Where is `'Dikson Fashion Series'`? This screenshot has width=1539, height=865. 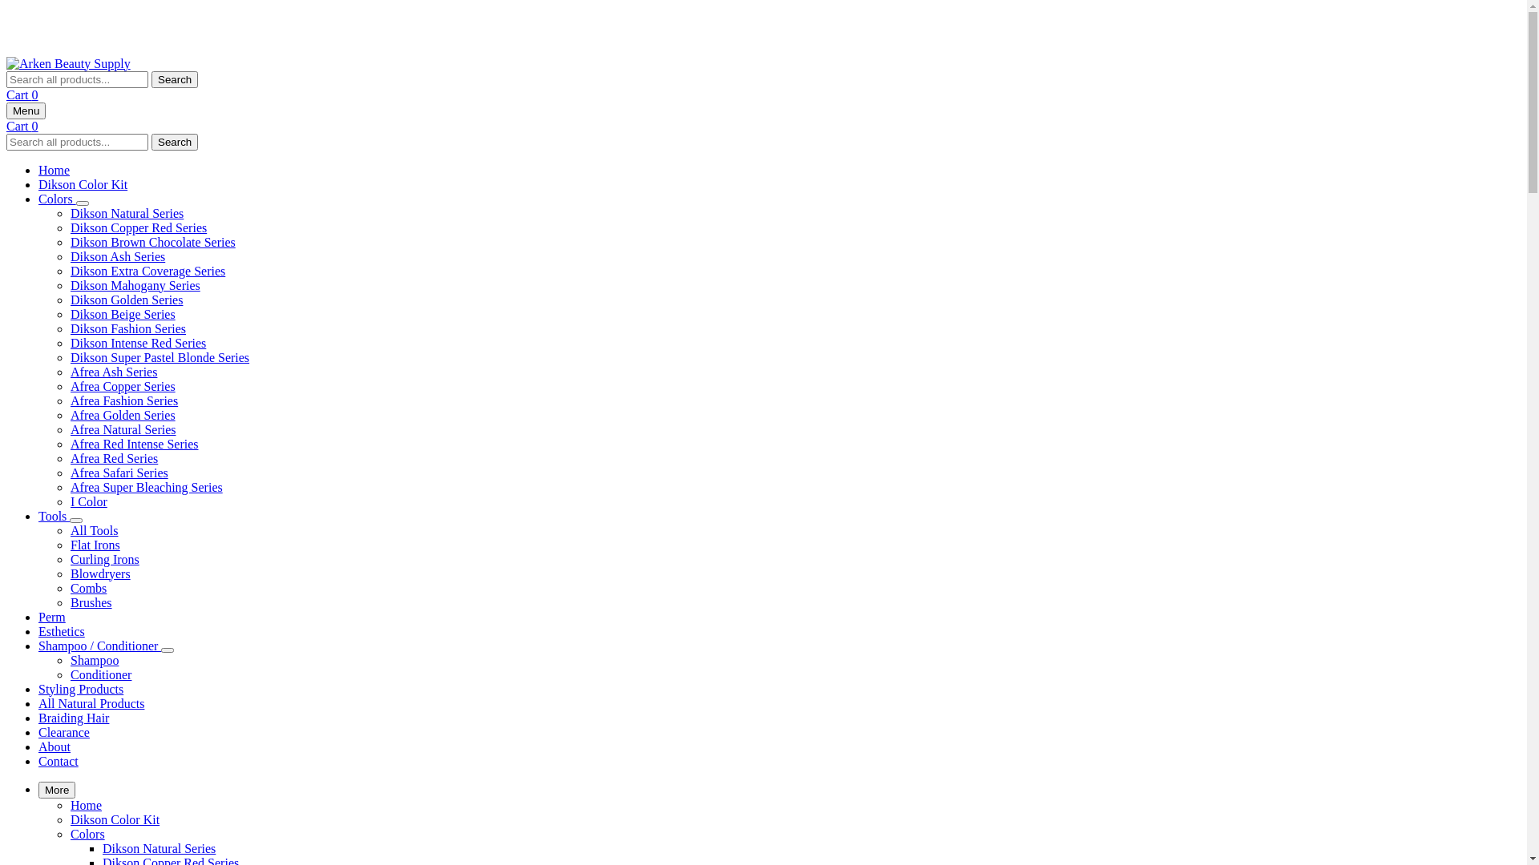 'Dikson Fashion Series' is located at coordinates (127, 328).